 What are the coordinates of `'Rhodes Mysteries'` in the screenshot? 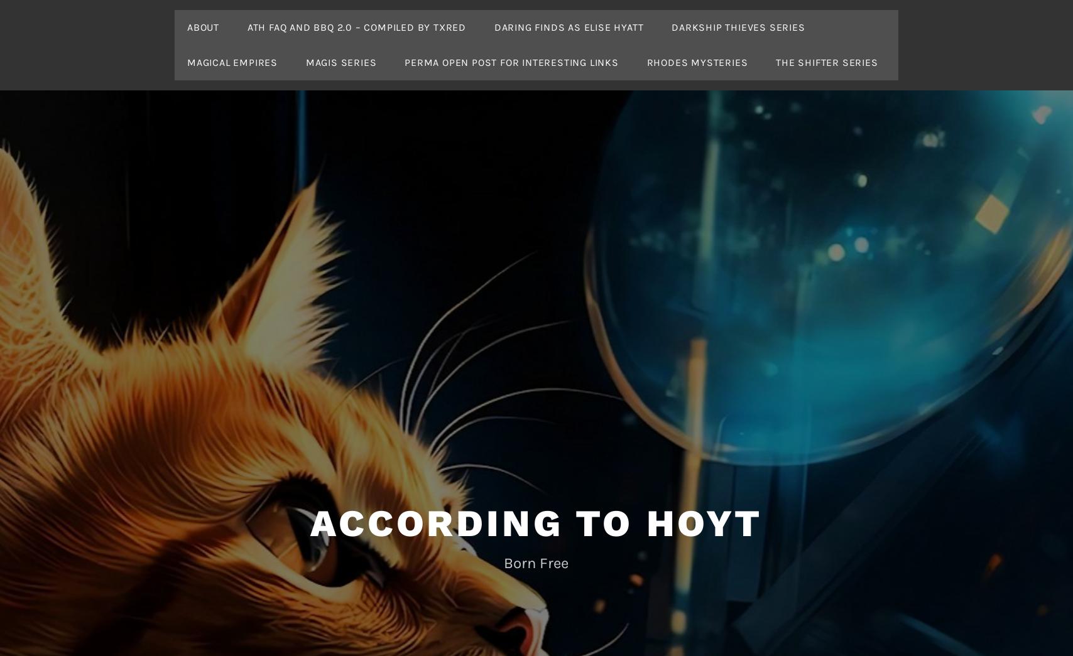 It's located at (697, 62).